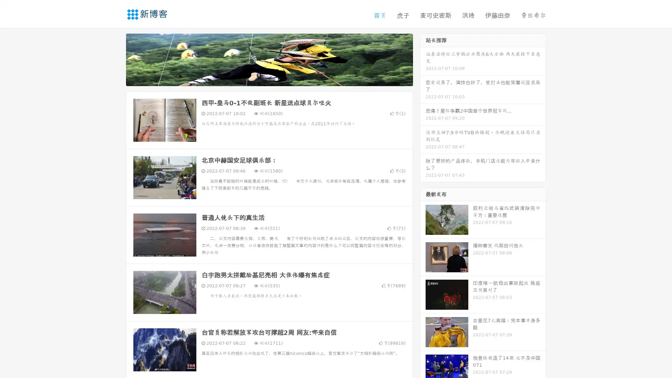 The width and height of the screenshot is (672, 378). I want to click on Go to slide 1, so click(262, 79).